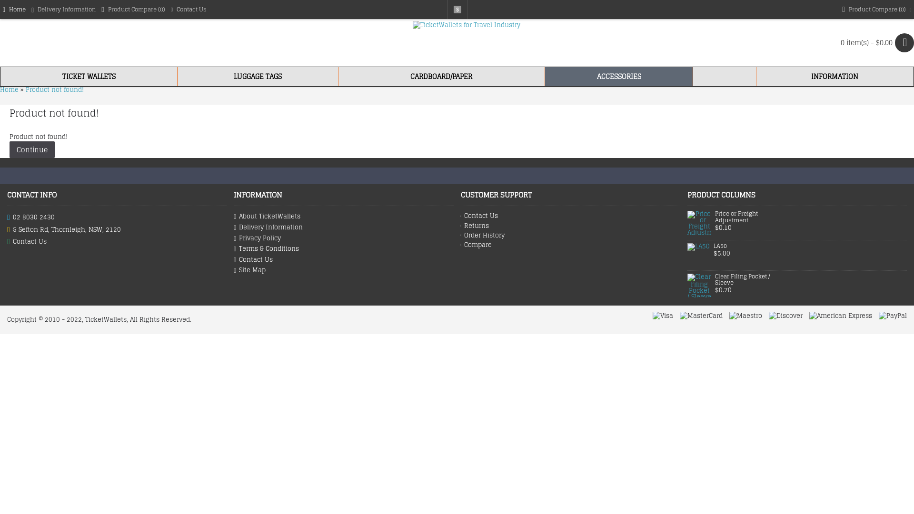 This screenshot has height=514, width=914. What do you see at coordinates (699, 222) in the screenshot?
I see `'Price or Freight Adjustment'` at bounding box center [699, 222].